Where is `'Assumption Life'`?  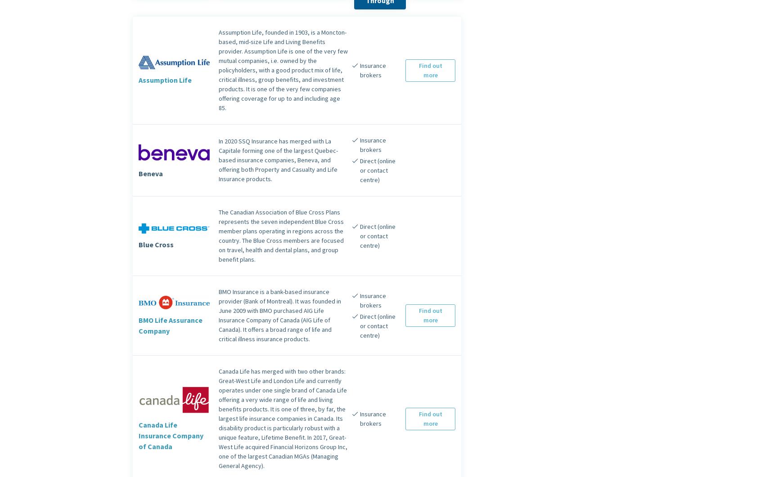
'Assumption Life' is located at coordinates (165, 79).